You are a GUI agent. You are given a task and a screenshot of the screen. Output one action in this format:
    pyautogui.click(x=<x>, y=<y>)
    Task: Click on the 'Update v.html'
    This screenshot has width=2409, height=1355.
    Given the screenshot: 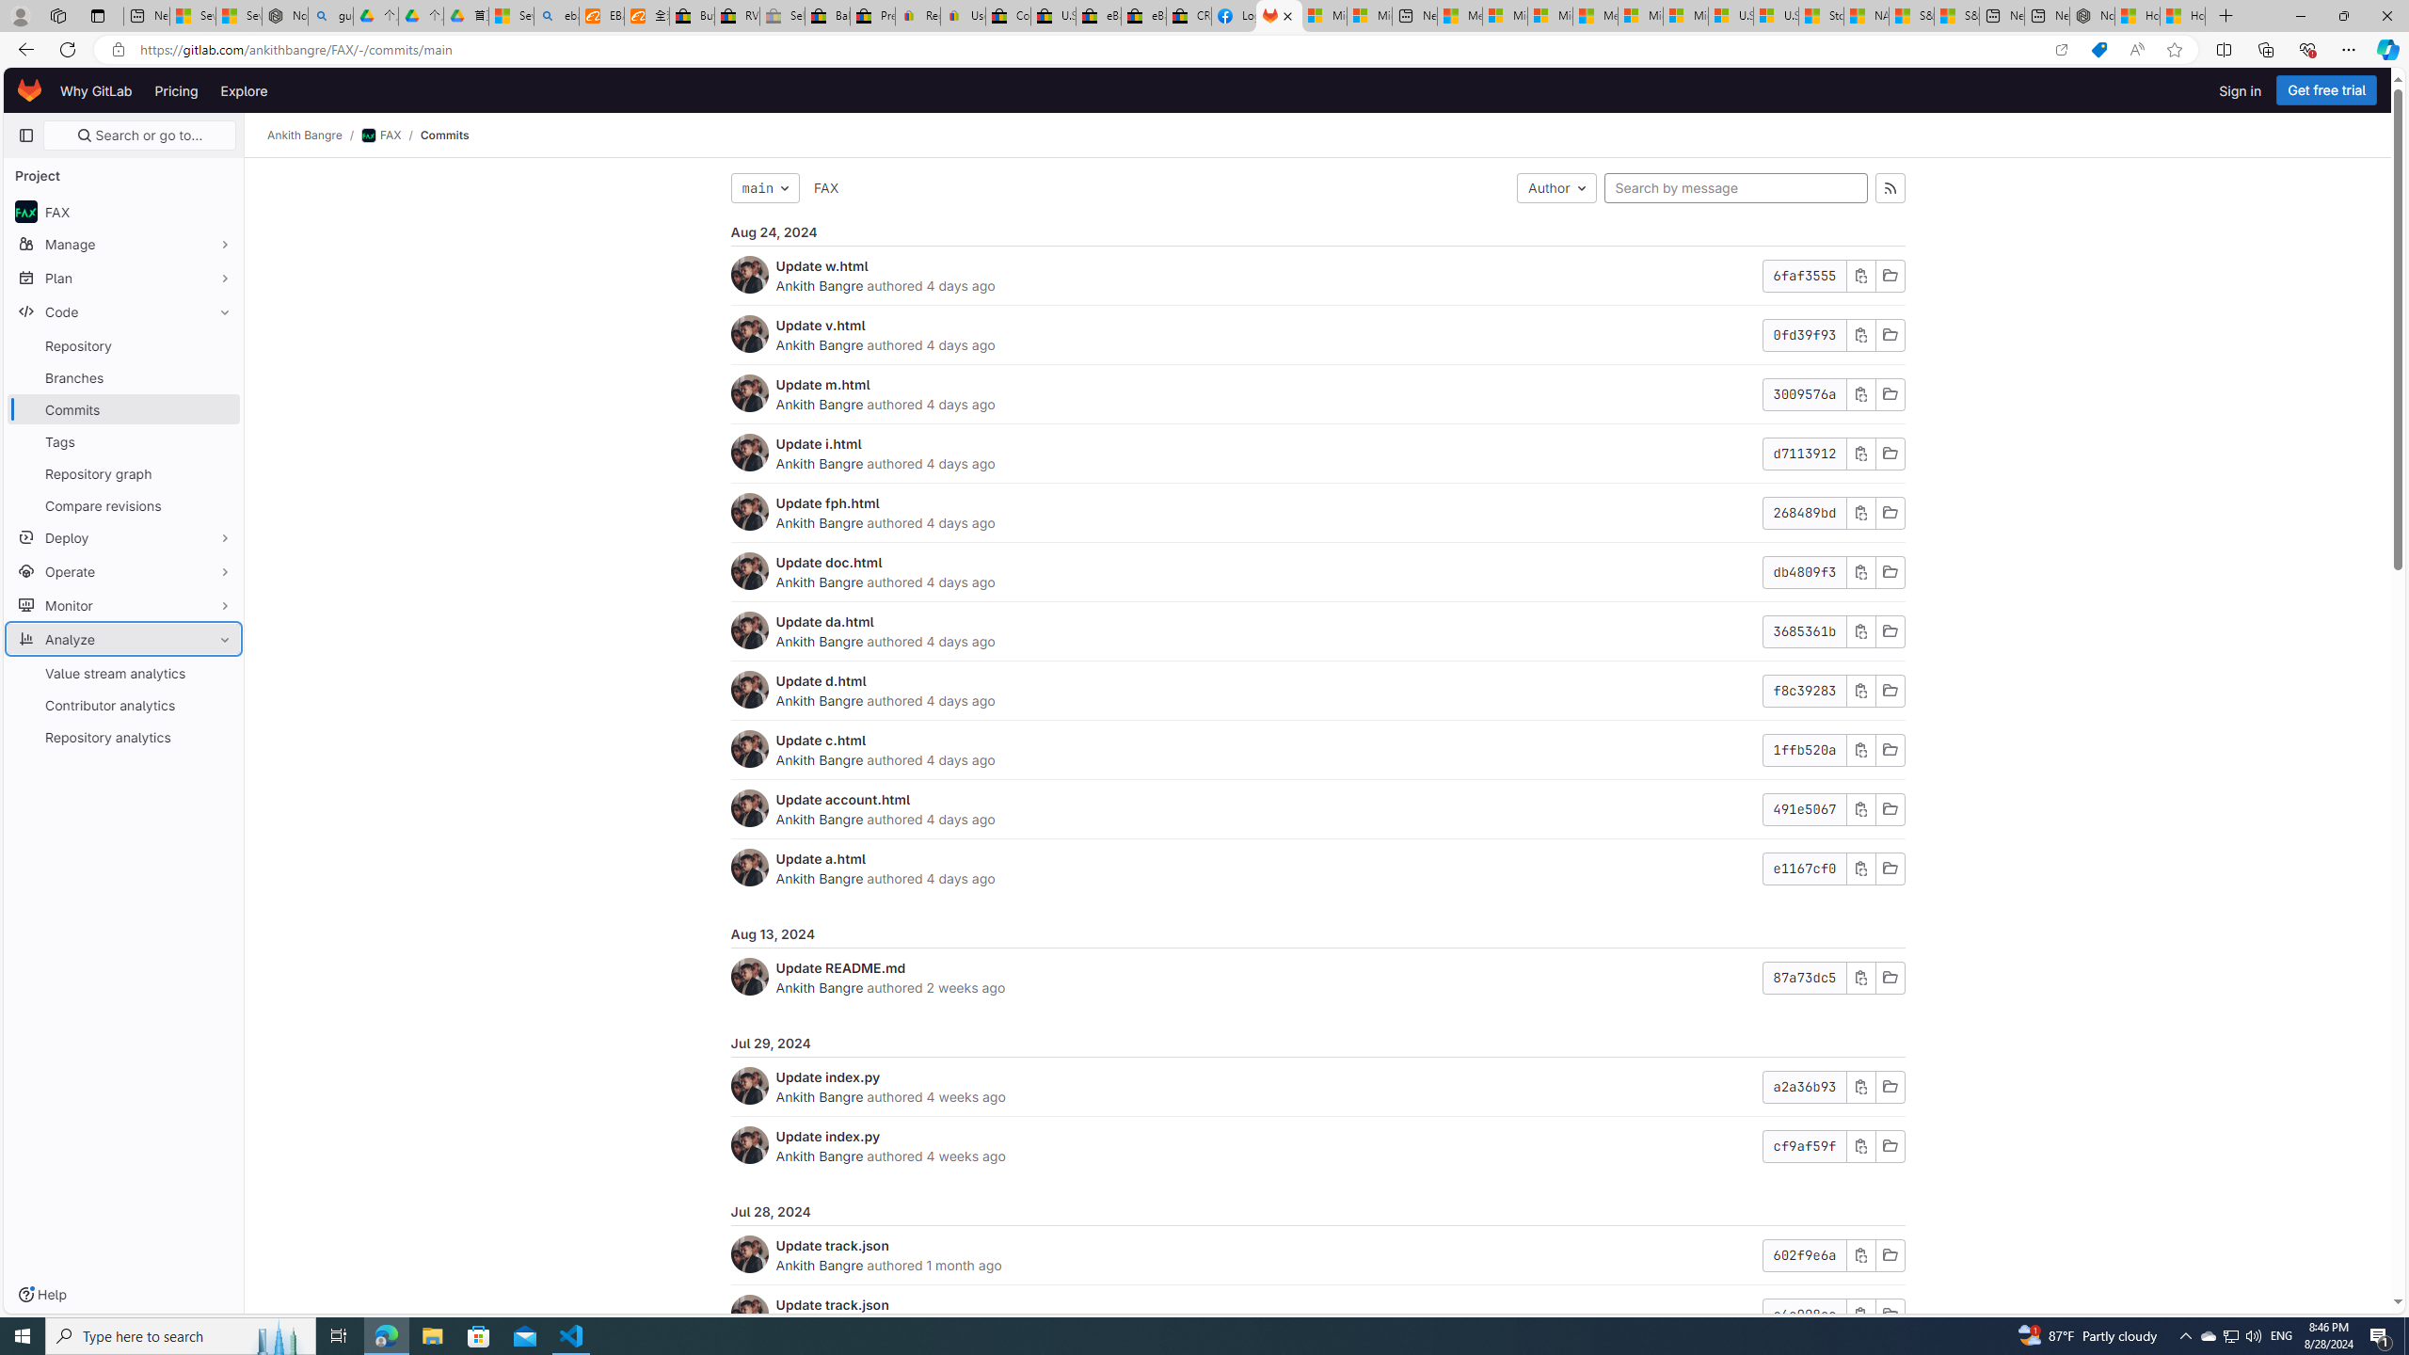 What is the action you would take?
    pyautogui.click(x=820, y=324)
    